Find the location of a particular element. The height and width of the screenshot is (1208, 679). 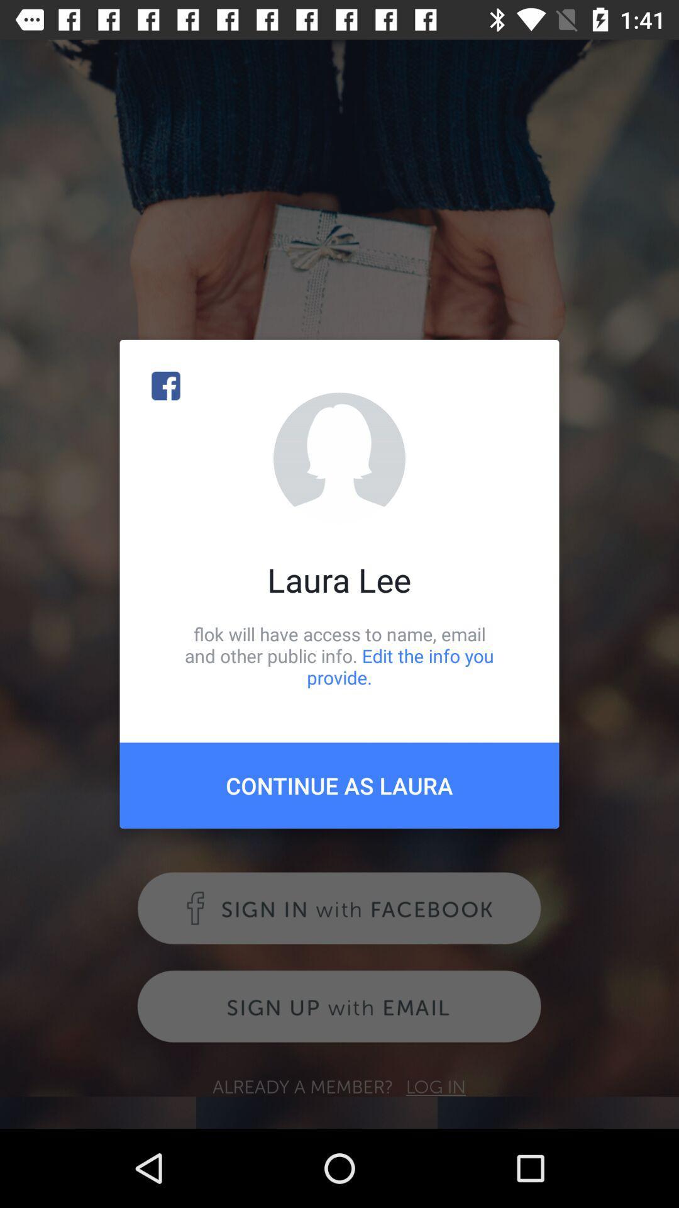

icon below laura lee is located at coordinates (339, 655).